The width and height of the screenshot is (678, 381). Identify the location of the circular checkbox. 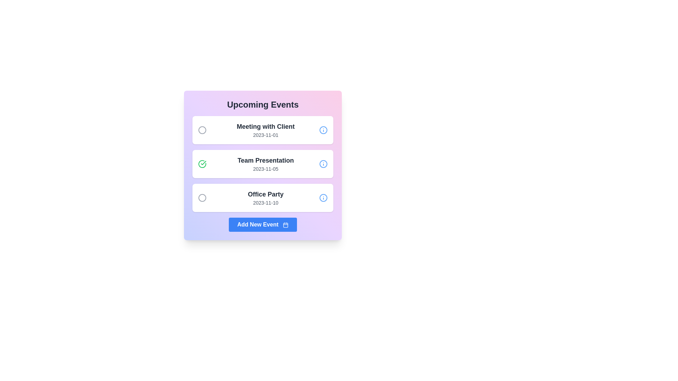
(202, 164).